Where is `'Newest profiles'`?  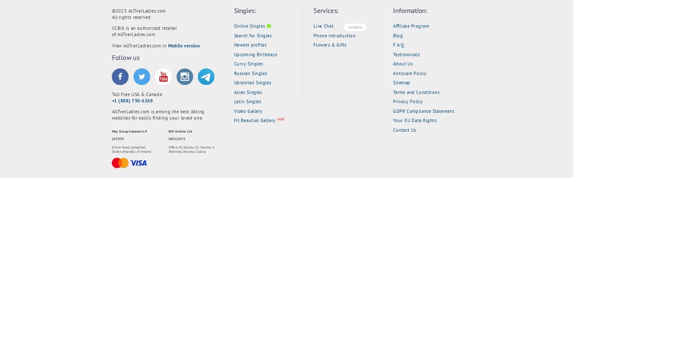 'Newest profiles' is located at coordinates (233, 44).